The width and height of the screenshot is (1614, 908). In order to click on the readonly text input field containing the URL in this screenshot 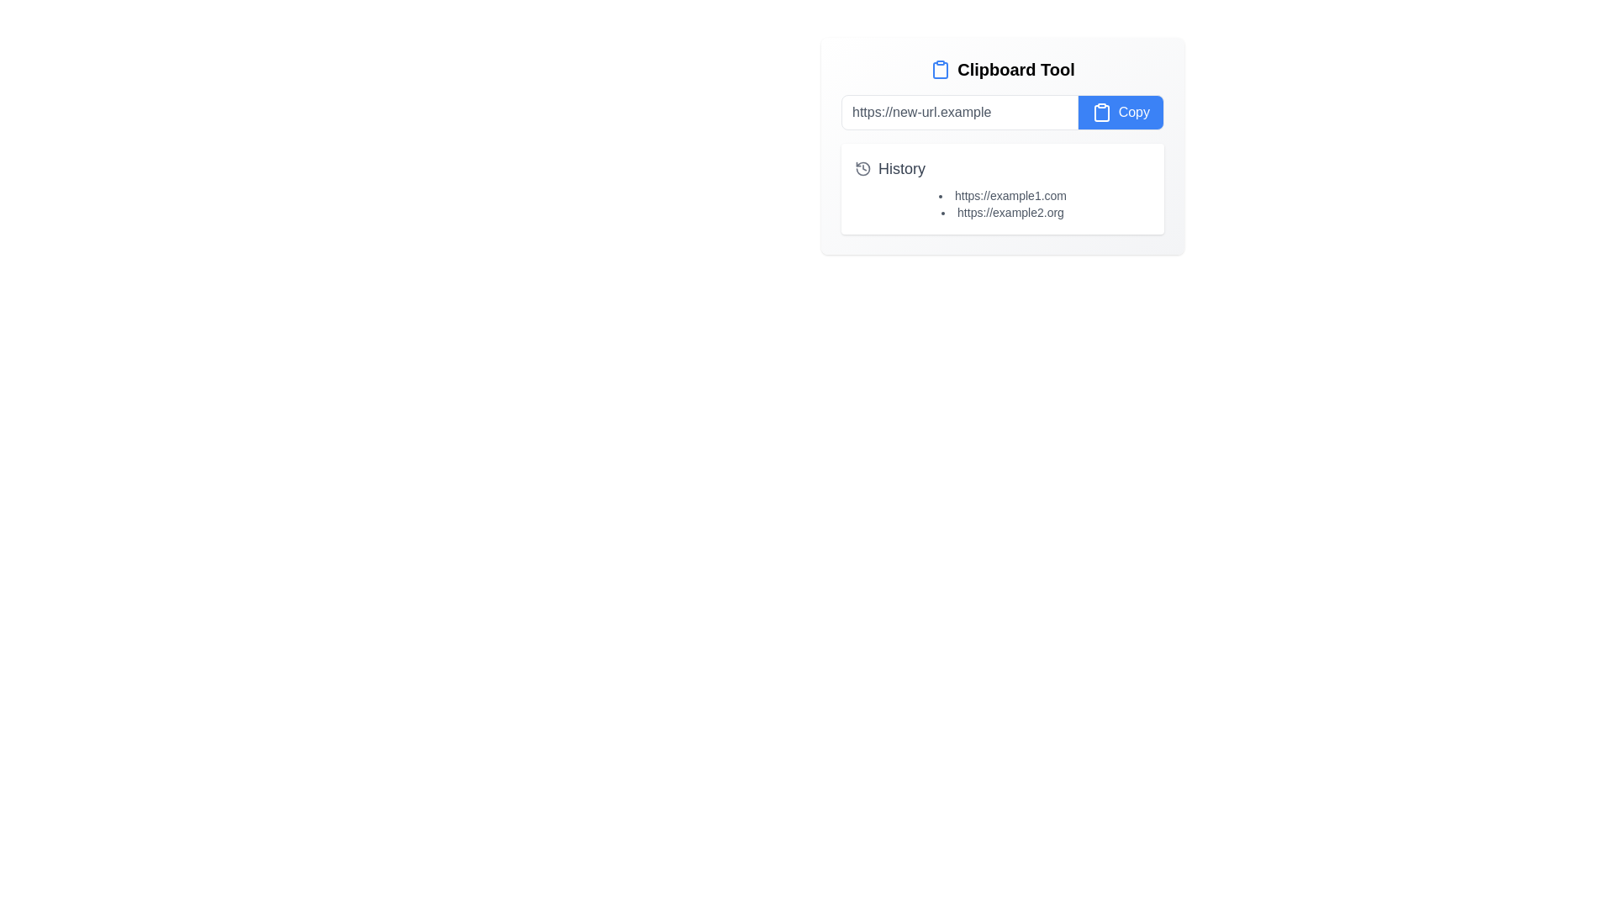, I will do `click(959, 113)`.